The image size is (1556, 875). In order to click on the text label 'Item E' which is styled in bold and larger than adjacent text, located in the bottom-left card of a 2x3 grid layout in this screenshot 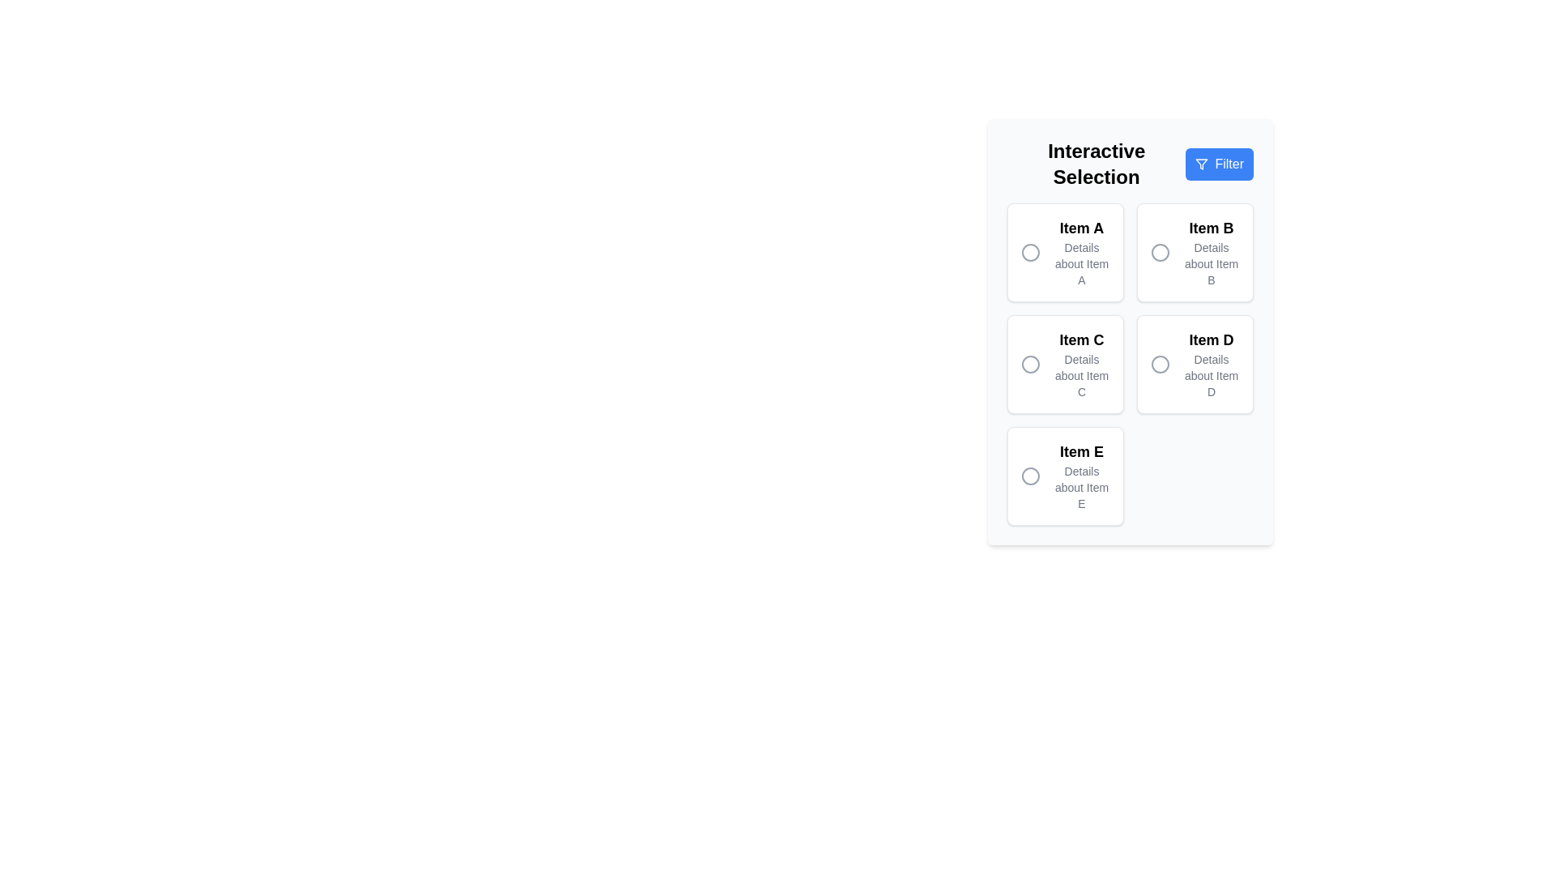, I will do `click(1081, 452)`.